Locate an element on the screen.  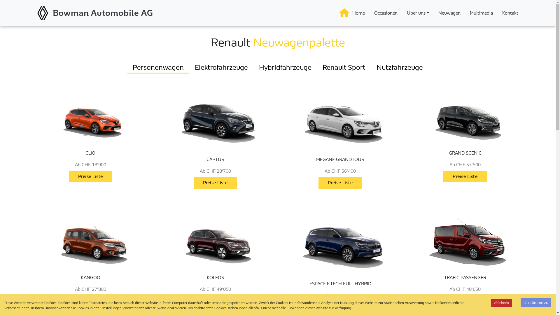
'Preise Liste' is located at coordinates (90, 176).